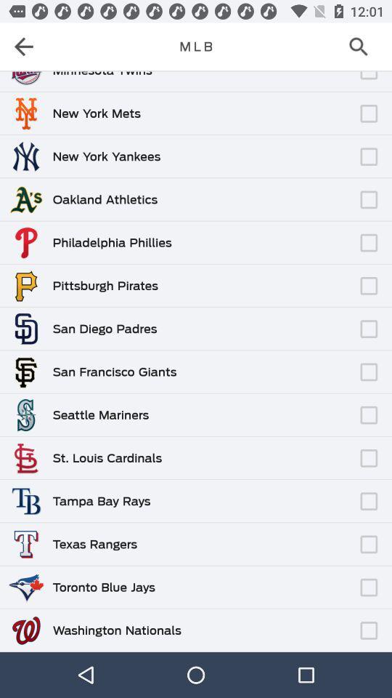 Image resolution: width=392 pixels, height=698 pixels. What do you see at coordinates (251, 408) in the screenshot?
I see `icon to the right of the seattle mariners` at bounding box center [251, 408].